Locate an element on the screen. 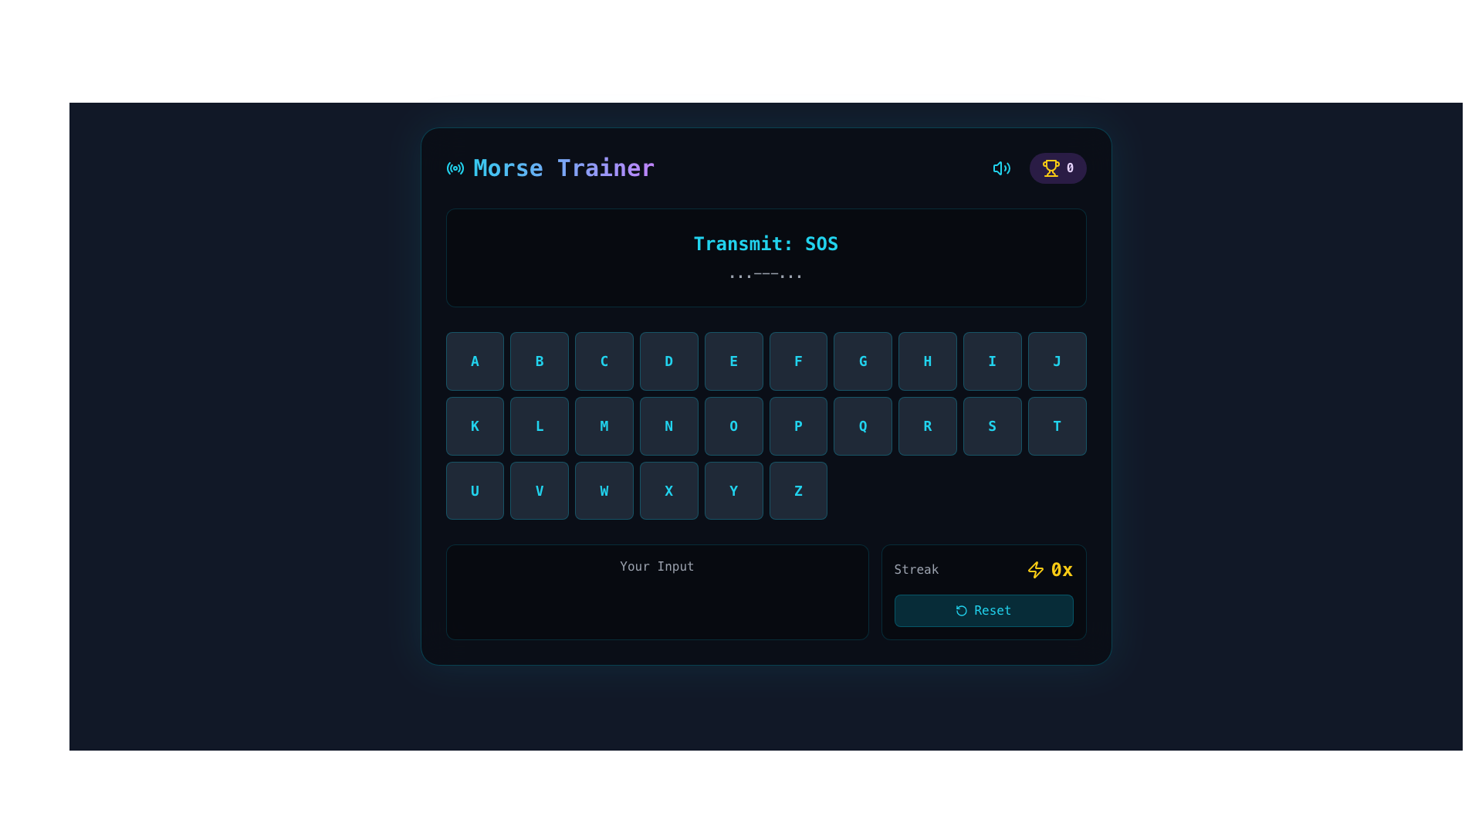  the circular volume button, which is cyan and located in the top bar of the interface is located at coordinates (1001, 168).